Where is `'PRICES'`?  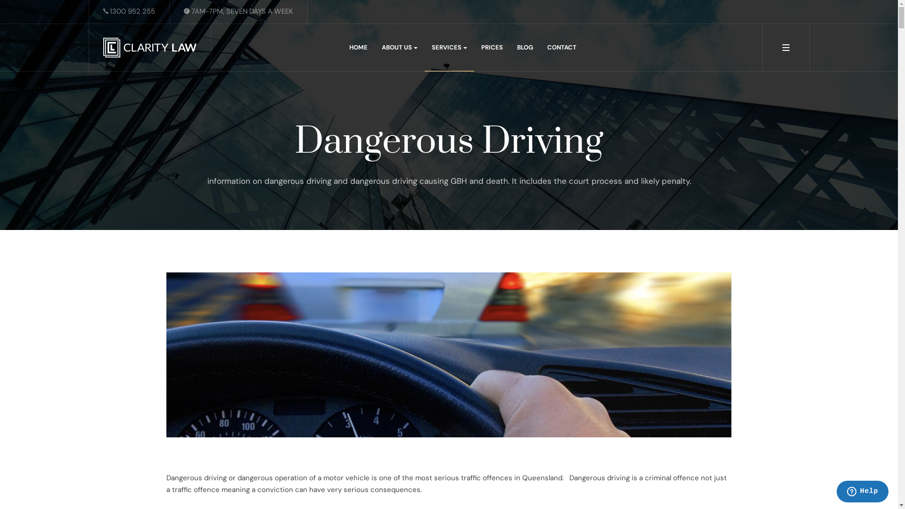 'PRICES' is located at coordinates (491, 47).